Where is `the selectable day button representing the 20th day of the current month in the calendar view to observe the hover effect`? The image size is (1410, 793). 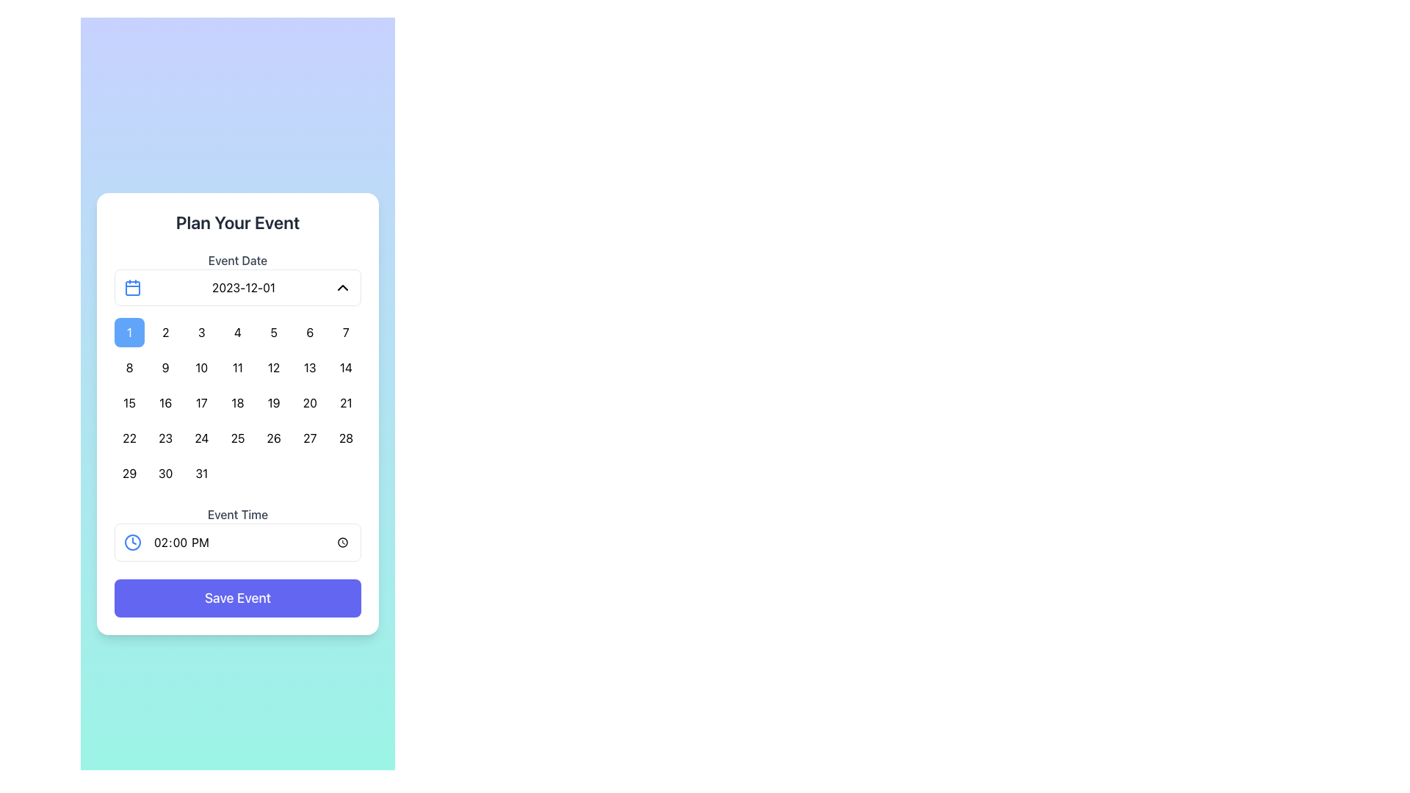 the selectable day button representing the 20th day of the current month in the calendar view to observe the hover effect is located at coordinates (309, 402).